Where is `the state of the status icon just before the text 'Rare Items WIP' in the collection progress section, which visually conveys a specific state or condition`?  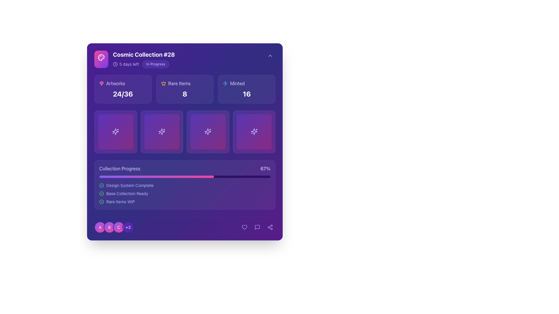 the state of the status icon just before the text 'Rare Items WIP' in the collection progress section, which visually conveys a specific state or condition is located at coordinates (102, 201).